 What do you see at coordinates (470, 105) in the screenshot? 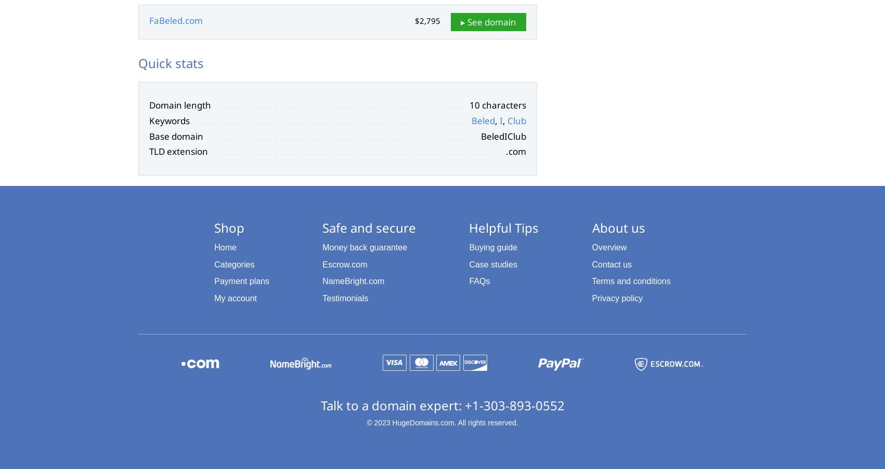
I see `'10 characters'` at bounding box center [470, 105].